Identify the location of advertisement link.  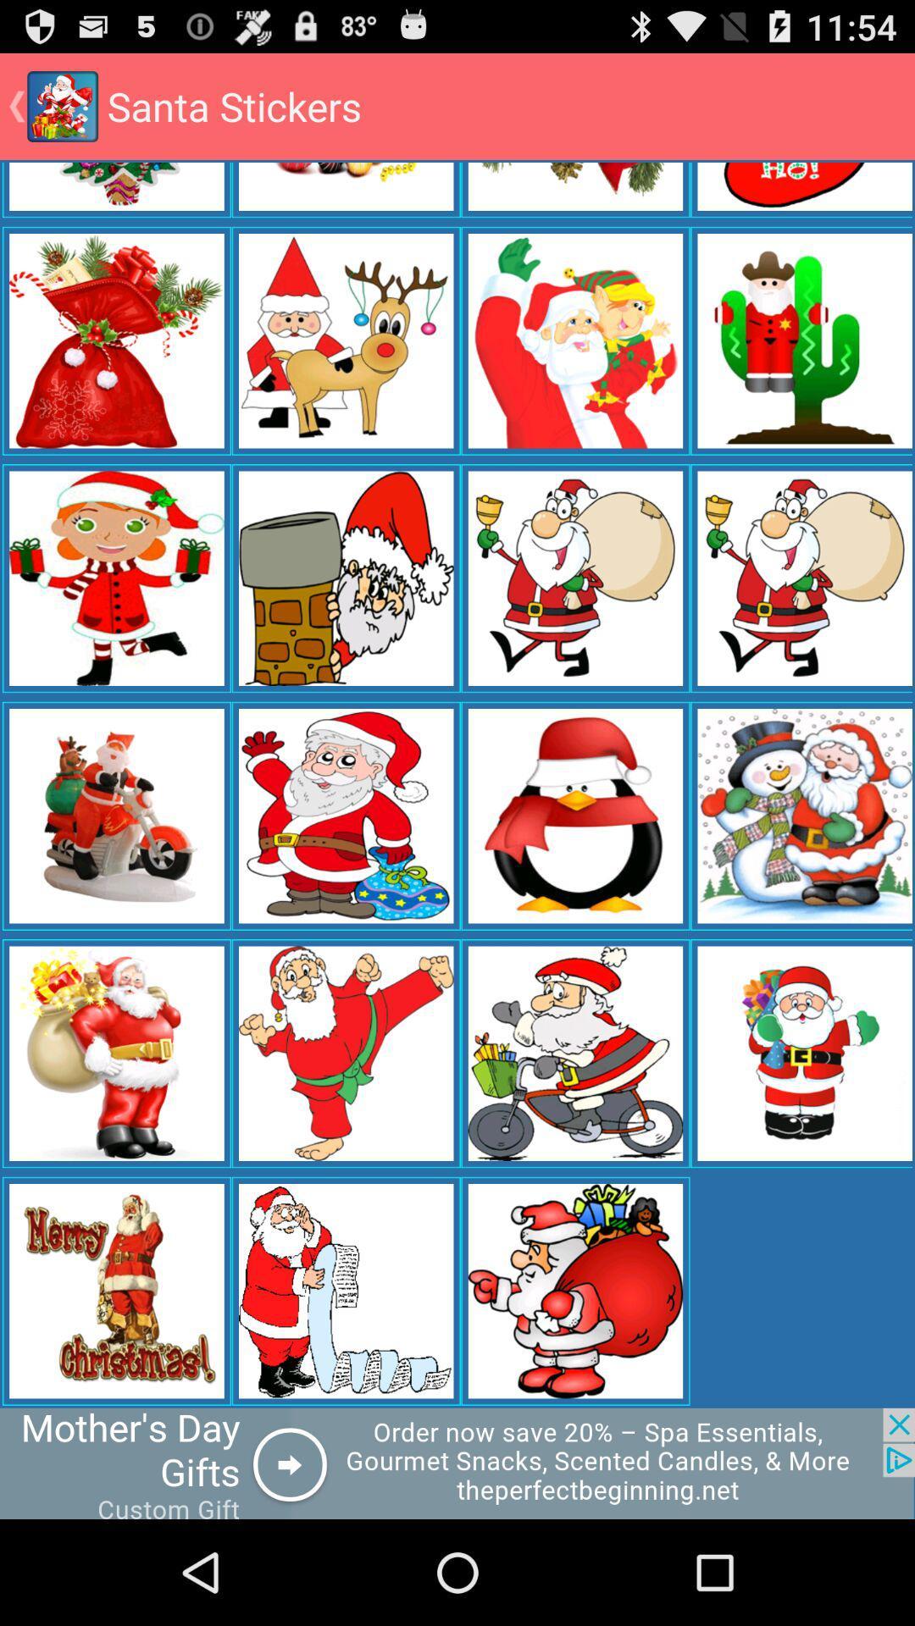
(457, 1463).